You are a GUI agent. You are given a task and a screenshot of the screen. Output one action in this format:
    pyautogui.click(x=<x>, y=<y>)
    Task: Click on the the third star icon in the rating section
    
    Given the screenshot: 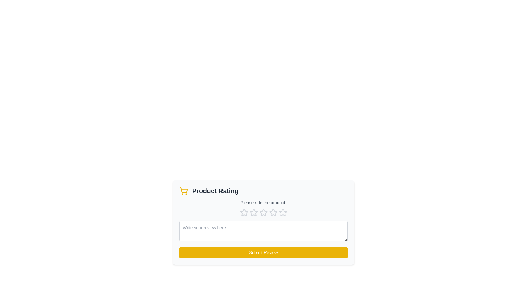 What is the action you would take?
    pyautogui.click(x=263, y=212)
    